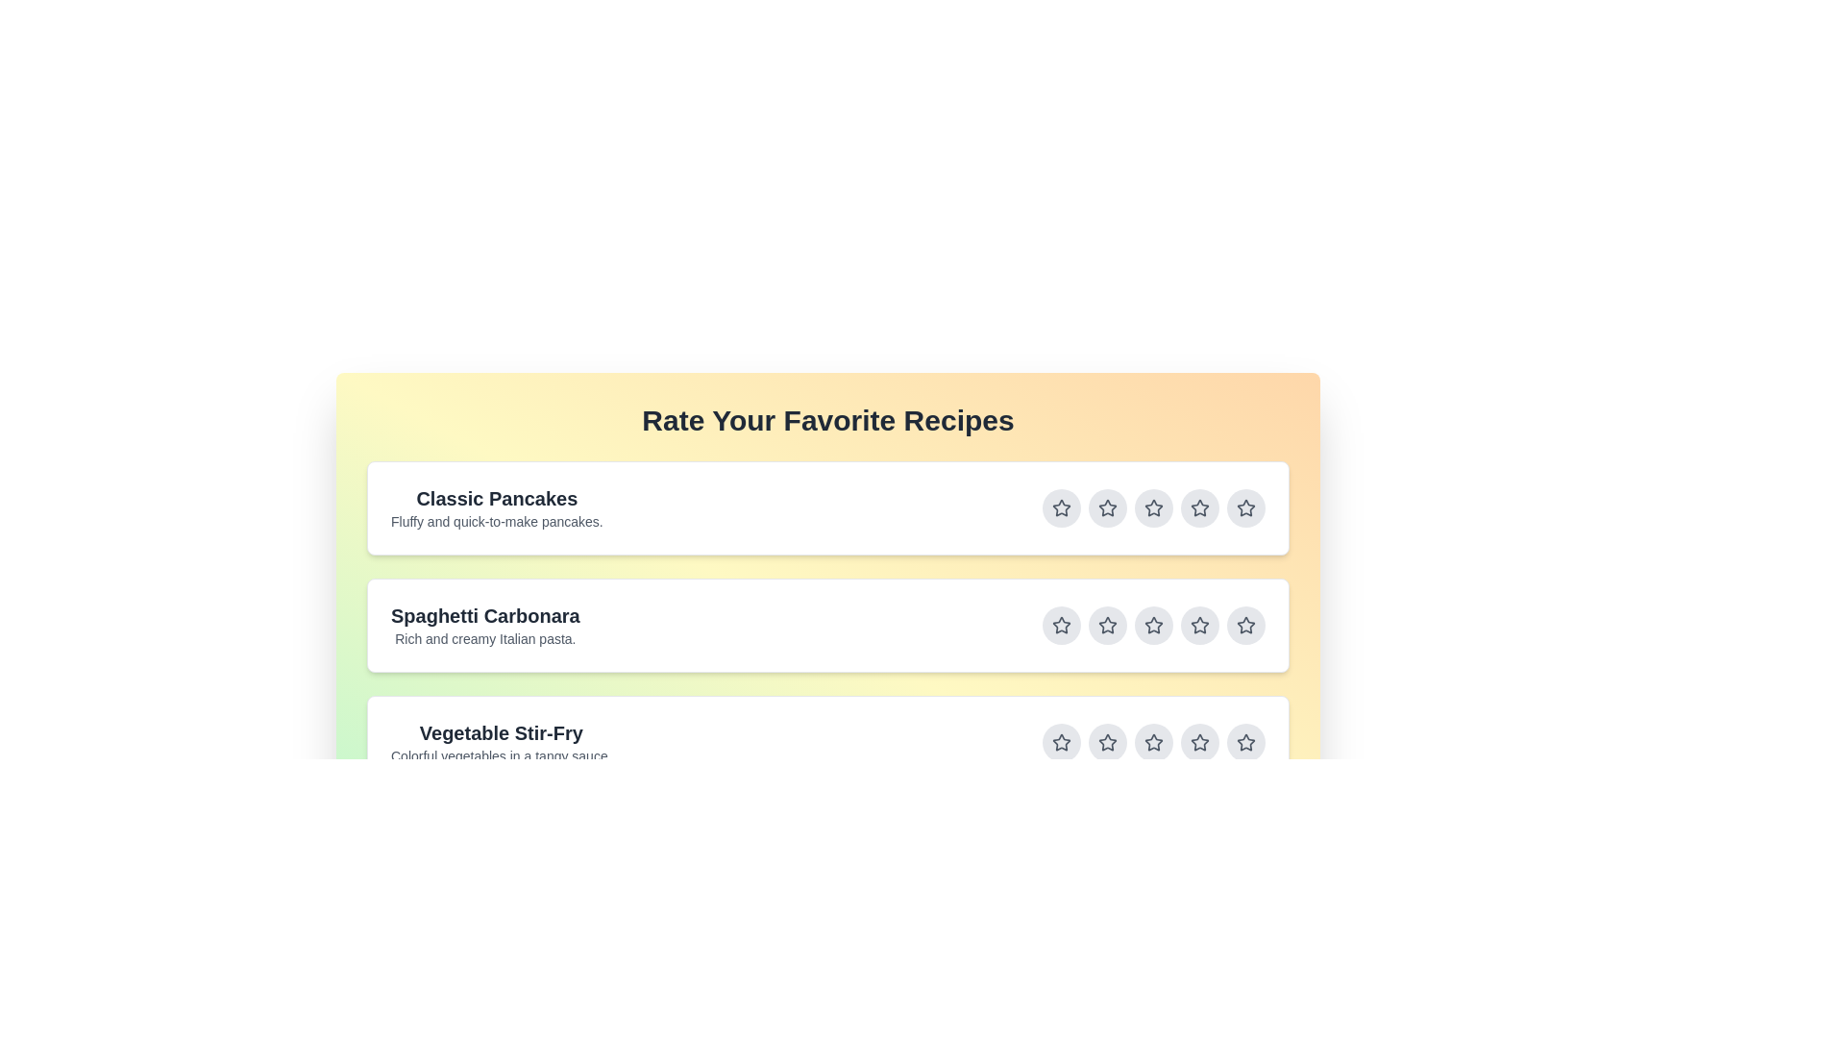  What do you see at coordinates (1198, 741) in the screenshot?
I see `the star button corresponding to 4 stars for the recipe titled Vegetable Stir-Fry` at bounding box center [1198, 741].